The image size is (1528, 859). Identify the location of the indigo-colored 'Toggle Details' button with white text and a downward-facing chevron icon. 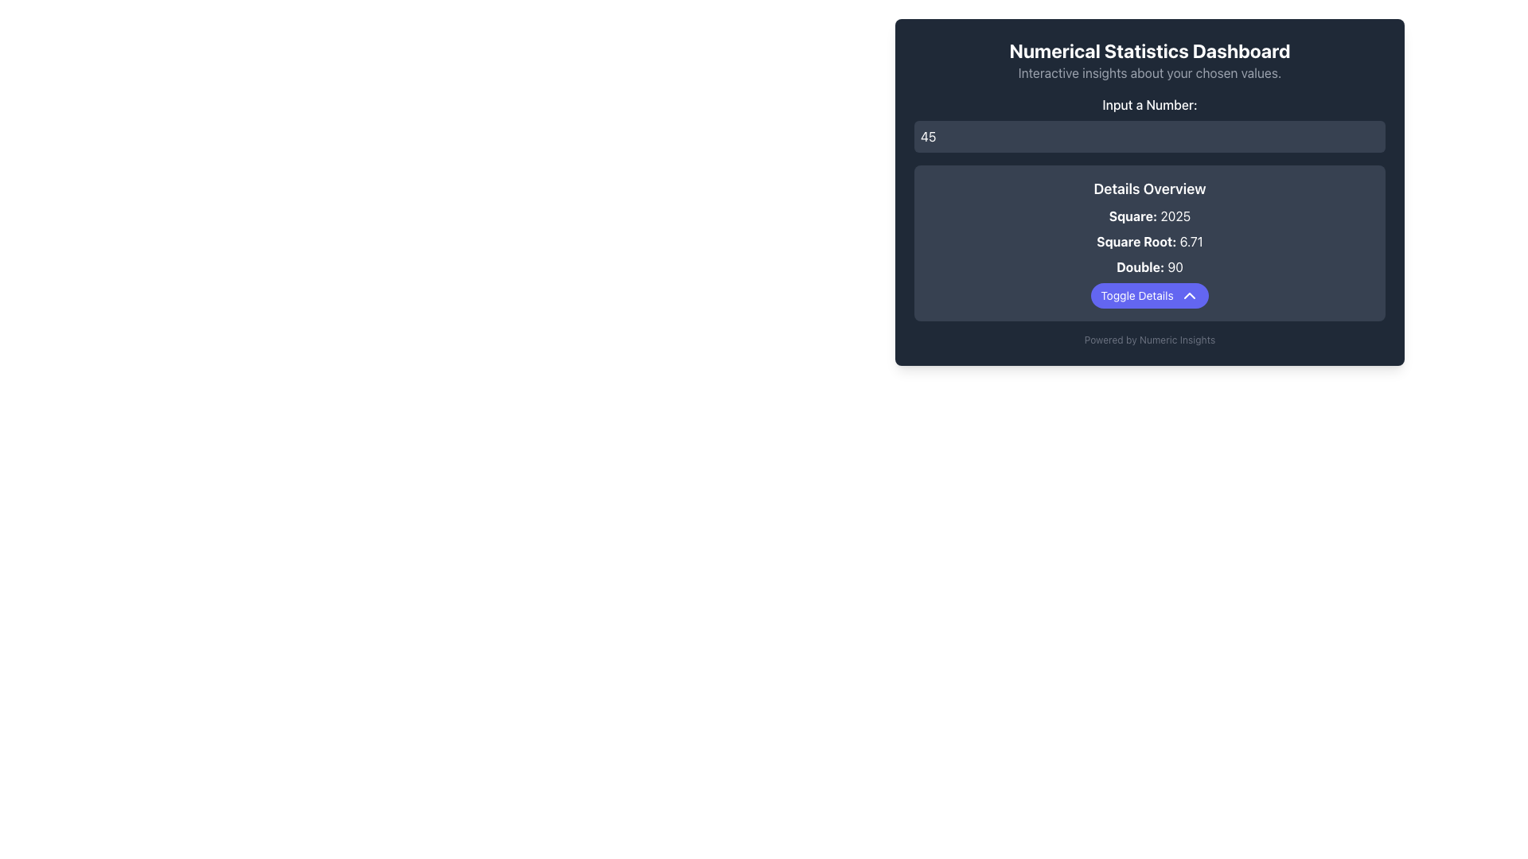
(1149, 295).